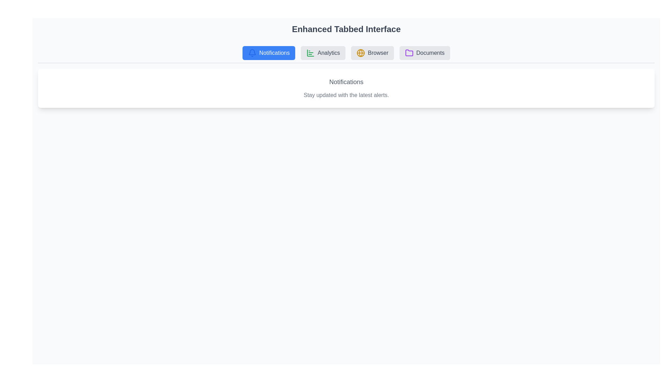 This screenshot has width=670, height=377. Describe the element at coordinates (268, 52) in the screenshot. I see `the tab labeled Notifications to observe its hover effect` at that location.